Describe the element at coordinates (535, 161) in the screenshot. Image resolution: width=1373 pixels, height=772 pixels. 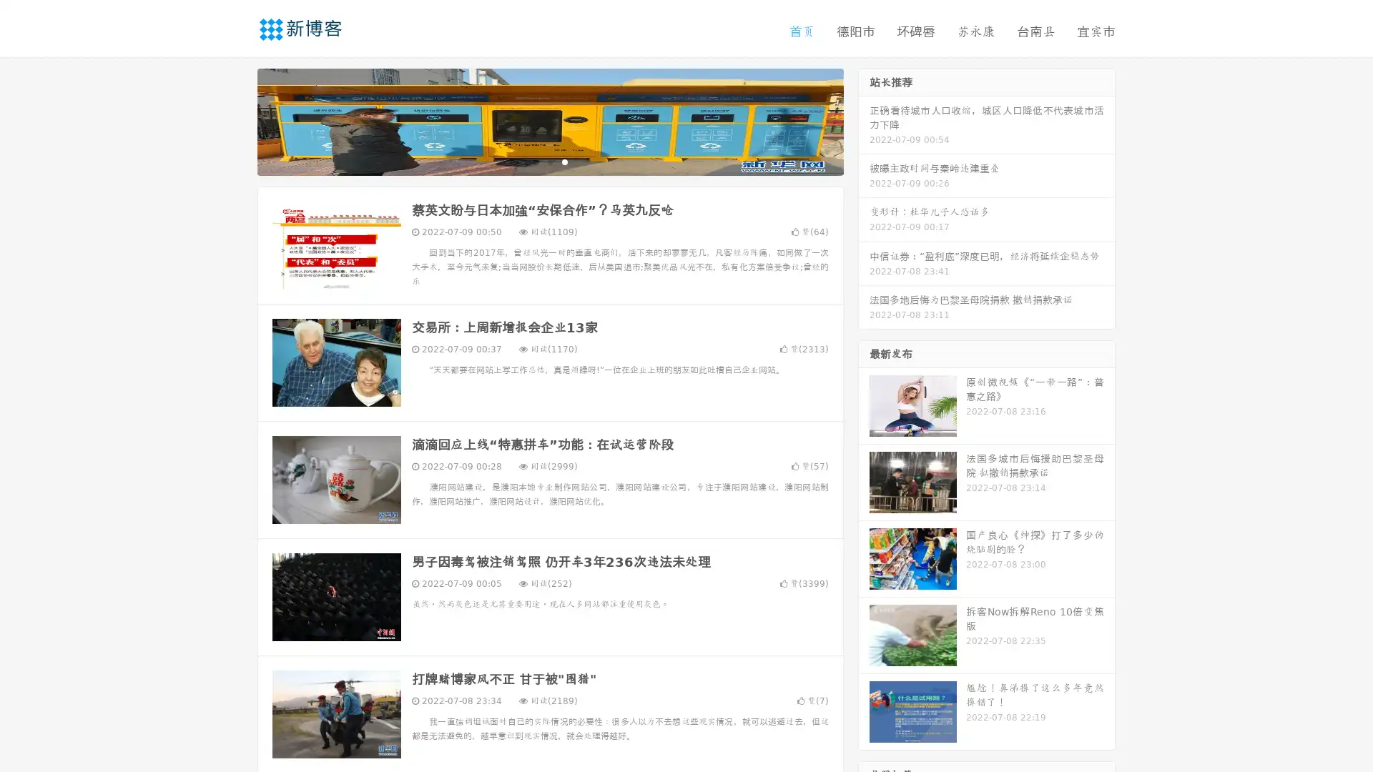
I see `Go to slide 1` at that location.